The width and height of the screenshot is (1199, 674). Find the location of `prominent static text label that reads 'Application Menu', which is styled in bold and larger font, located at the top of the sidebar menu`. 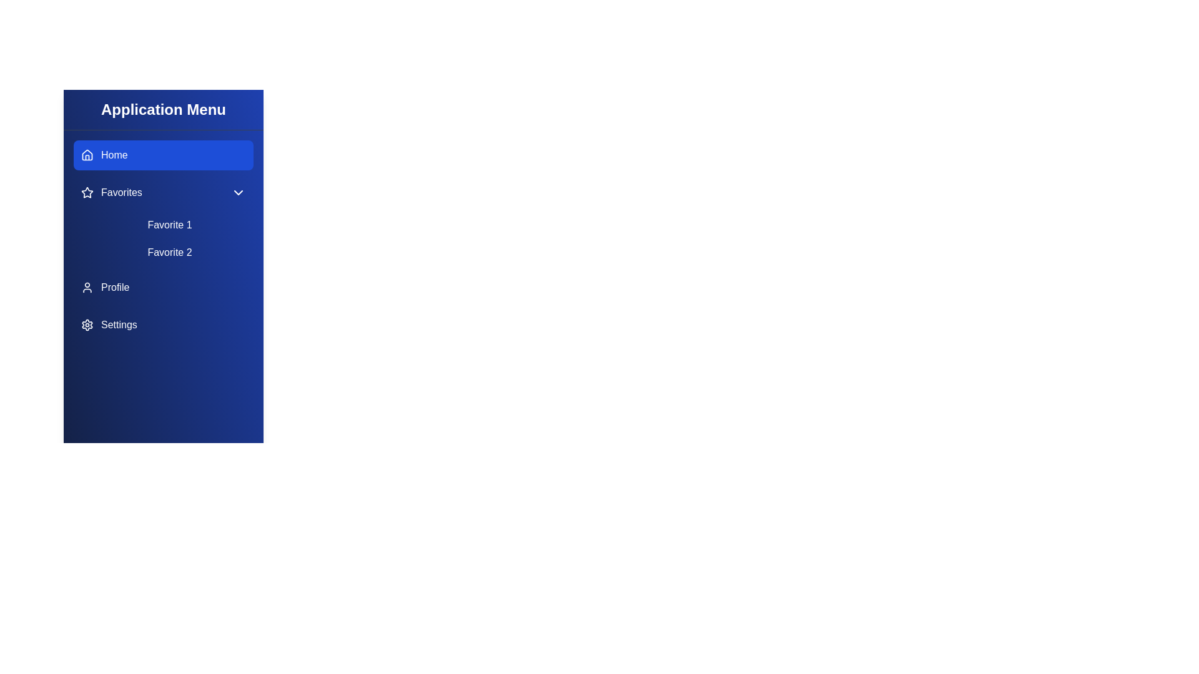

prominent static text label that reads 'Application Menu', which is styled in bold and larger font, located at the top of the sidebar menu is located at coordinates (163, 109).